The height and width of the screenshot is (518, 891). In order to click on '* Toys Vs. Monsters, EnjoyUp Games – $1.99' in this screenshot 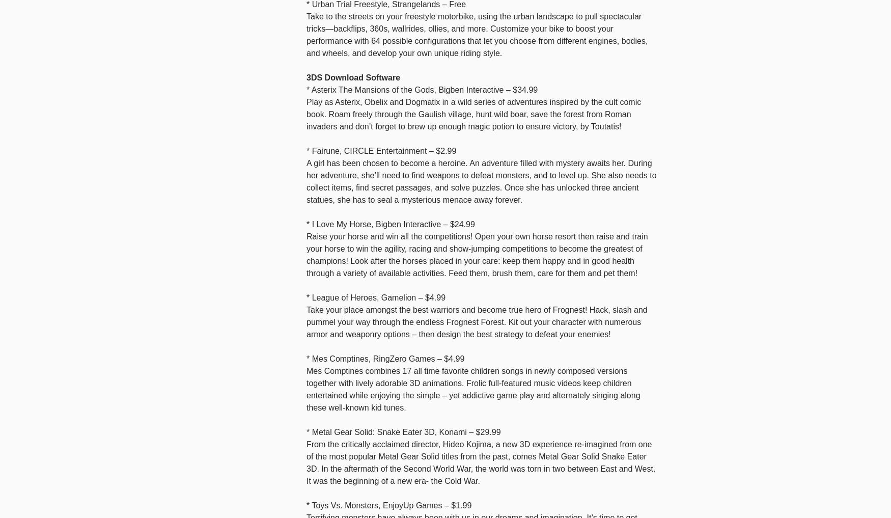, I will do `click(388, 505)`.